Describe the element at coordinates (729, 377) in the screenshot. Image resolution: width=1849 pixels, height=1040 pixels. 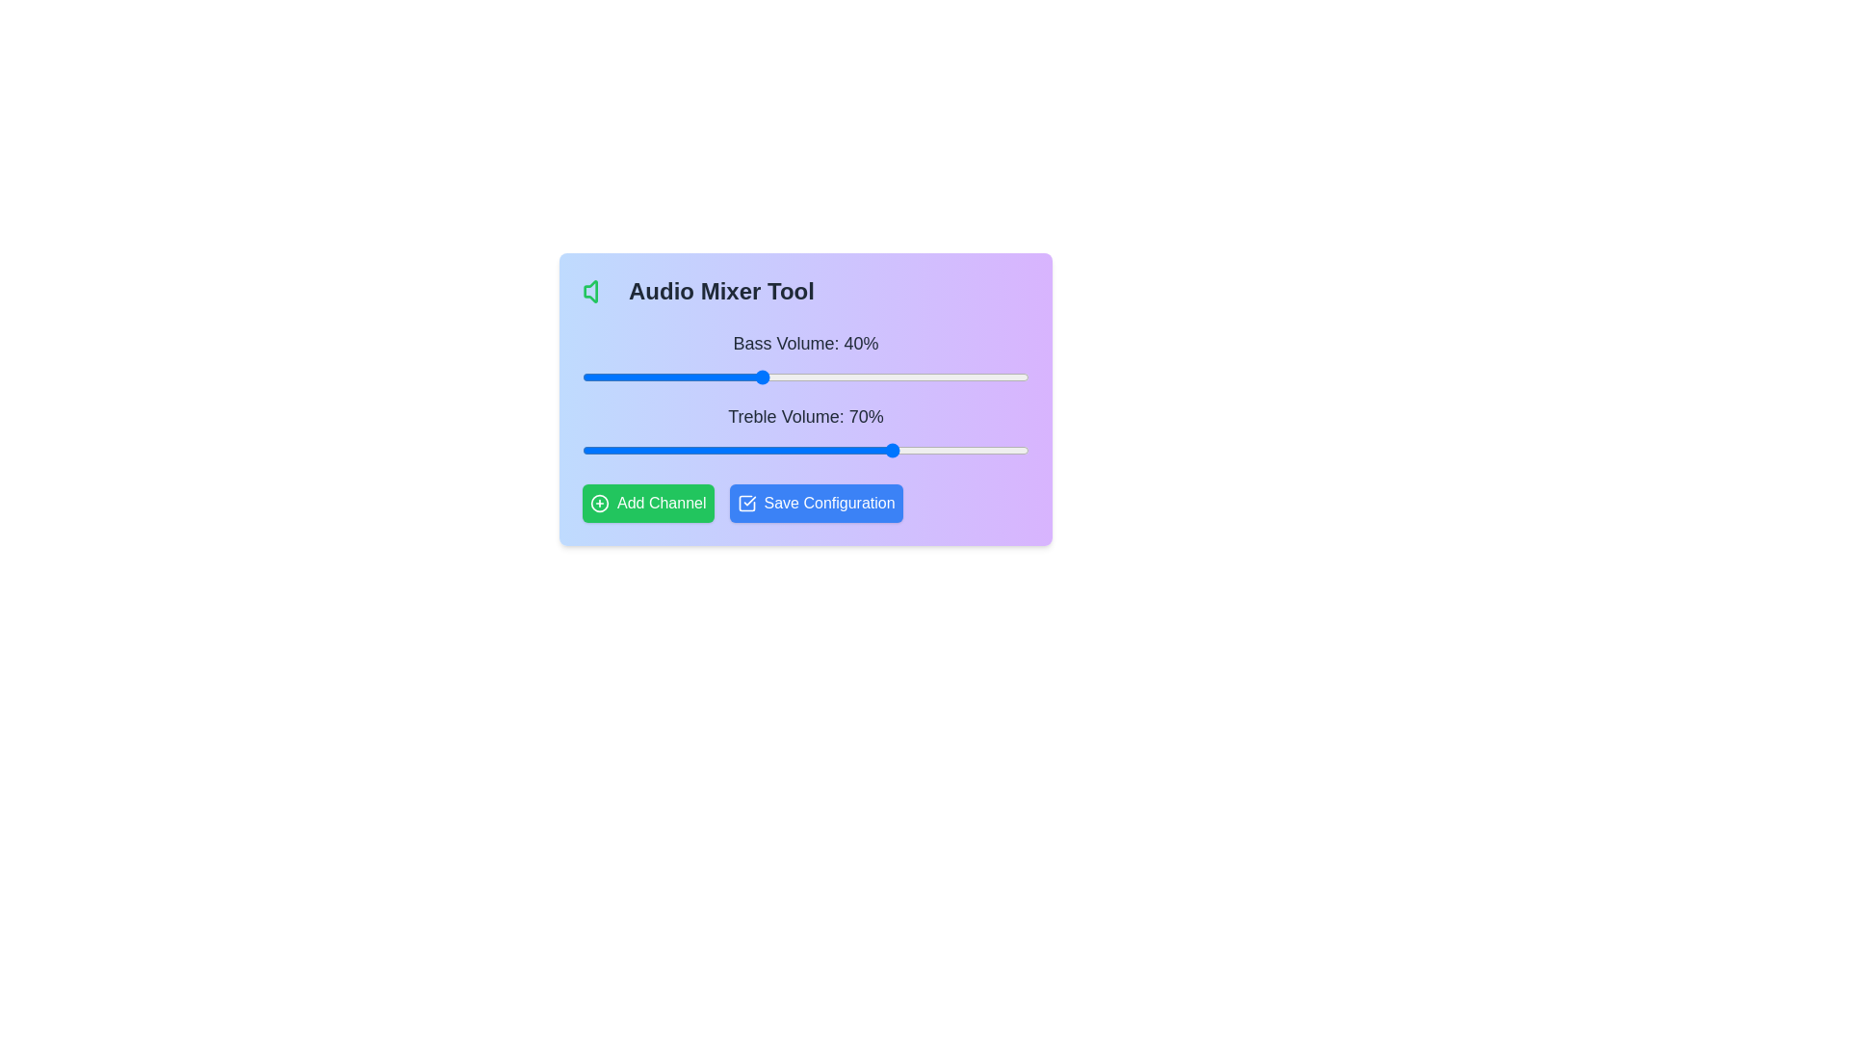
I see `the slider` at that location.